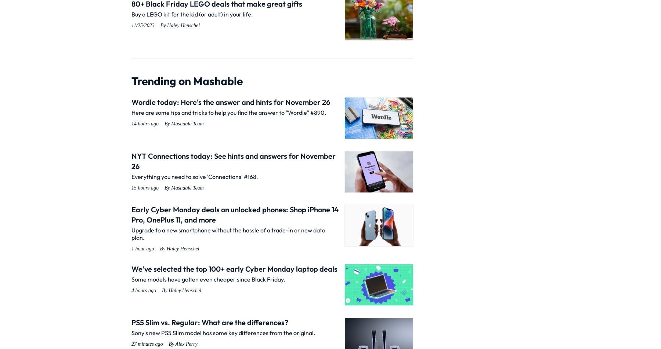 The width and height of the screenshot is (661, 349). What do you see at coordinates (223, 333) in the screenshot?
I see `'Sony's new PS5 Slim model has some key differences from the original.'` at bounding box center [223, 333].